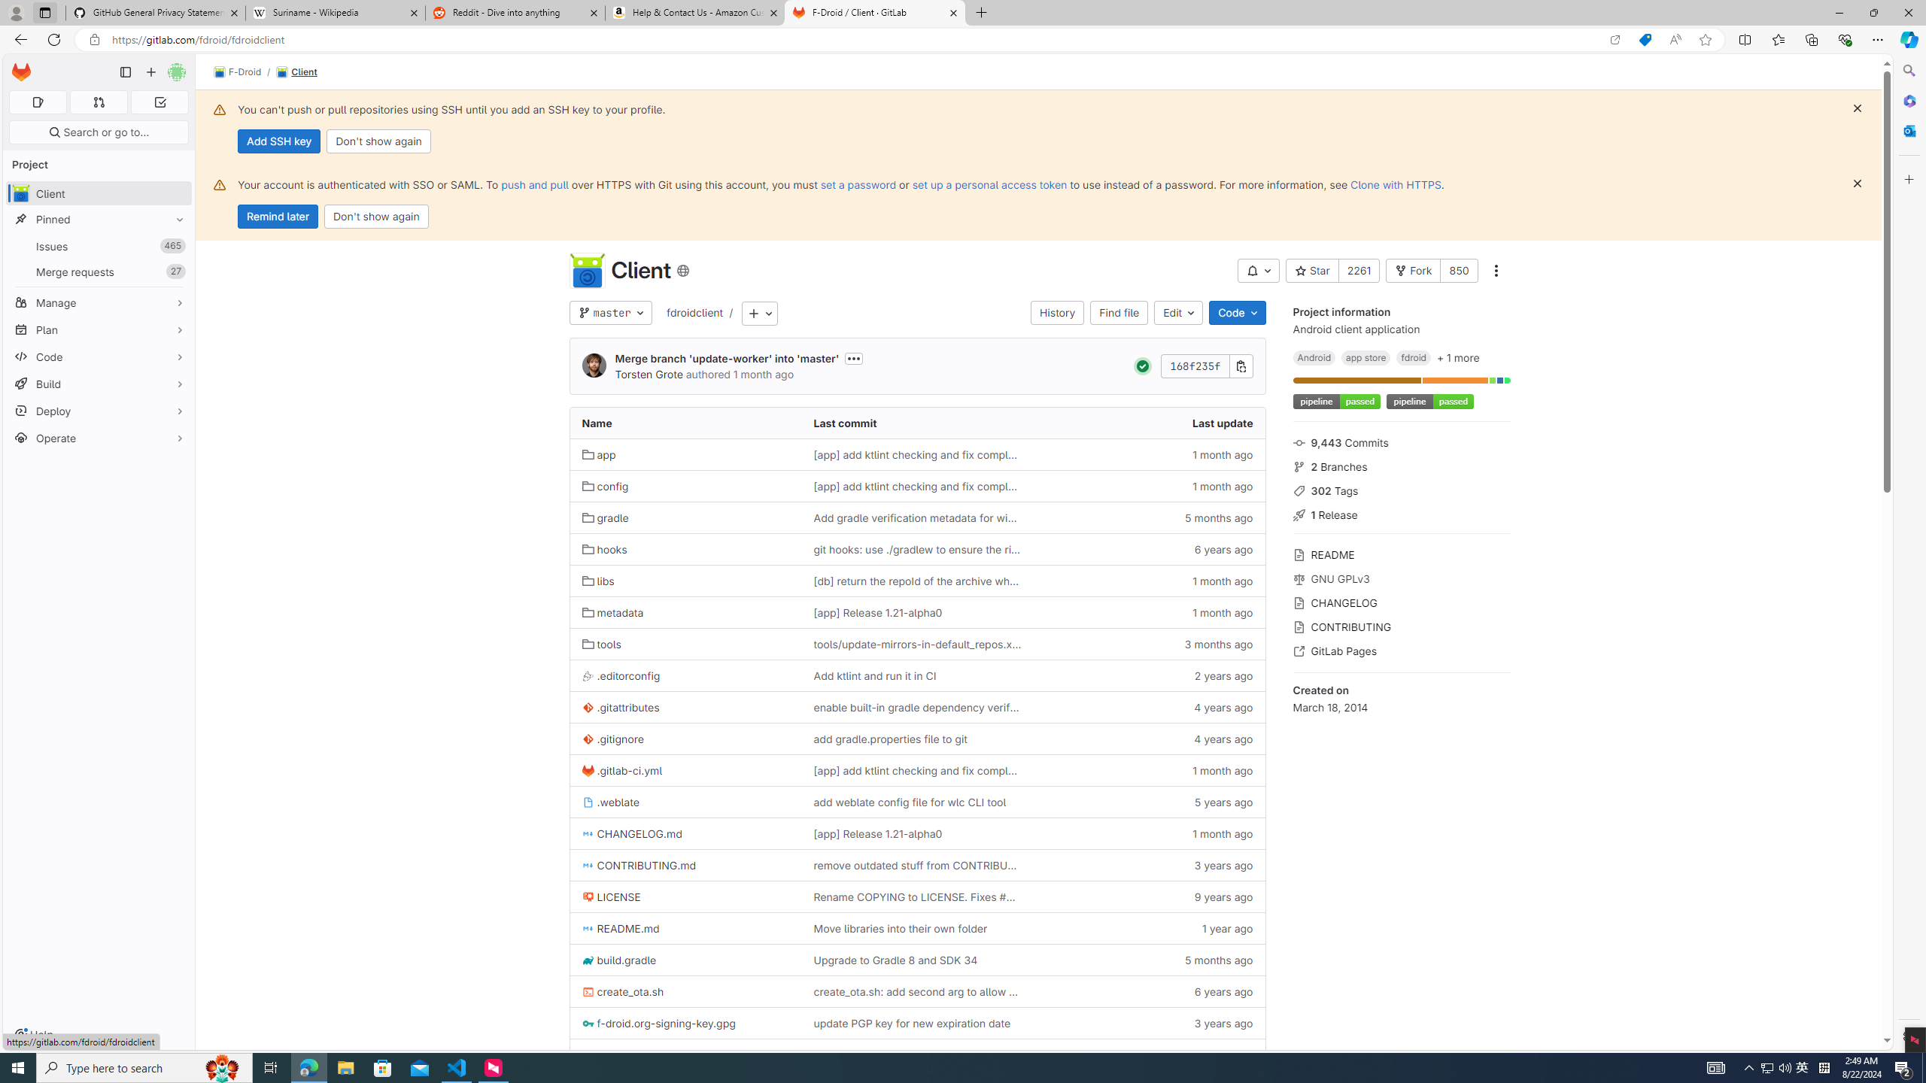  I want to click on 'add gradle.properties file to git', so click(916, 738).